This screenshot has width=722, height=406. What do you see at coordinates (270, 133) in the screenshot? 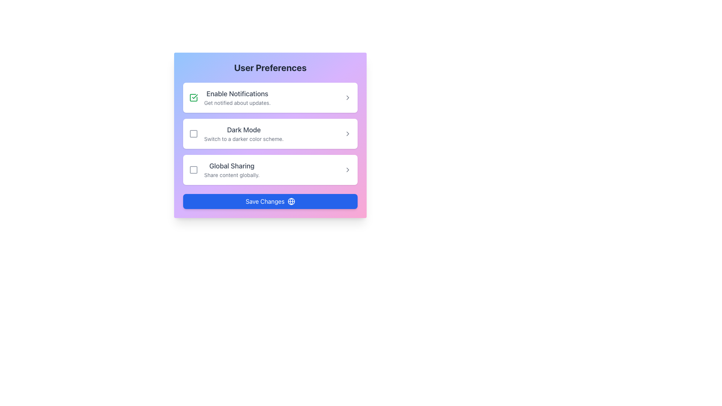
I see `the checkbox toggle for dark mode located in the 'User Preferences' modal` at bounding box center [270, 133].